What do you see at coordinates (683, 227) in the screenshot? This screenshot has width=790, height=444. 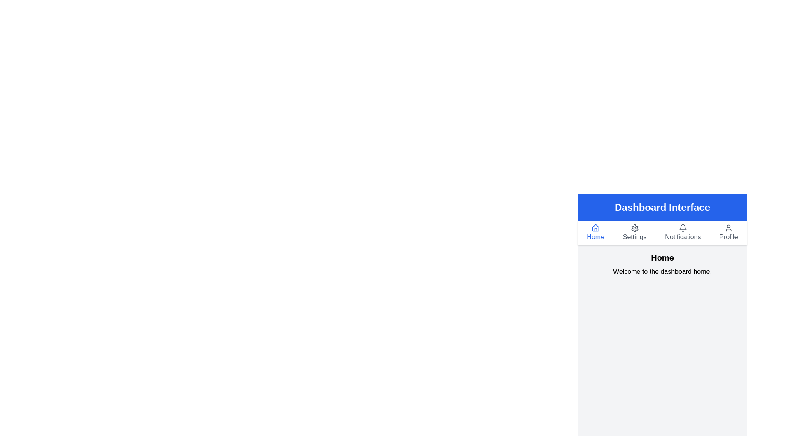 I see `the third icon from the left in the navigation bar, which represents notifications` at bounding box center [683, 227].